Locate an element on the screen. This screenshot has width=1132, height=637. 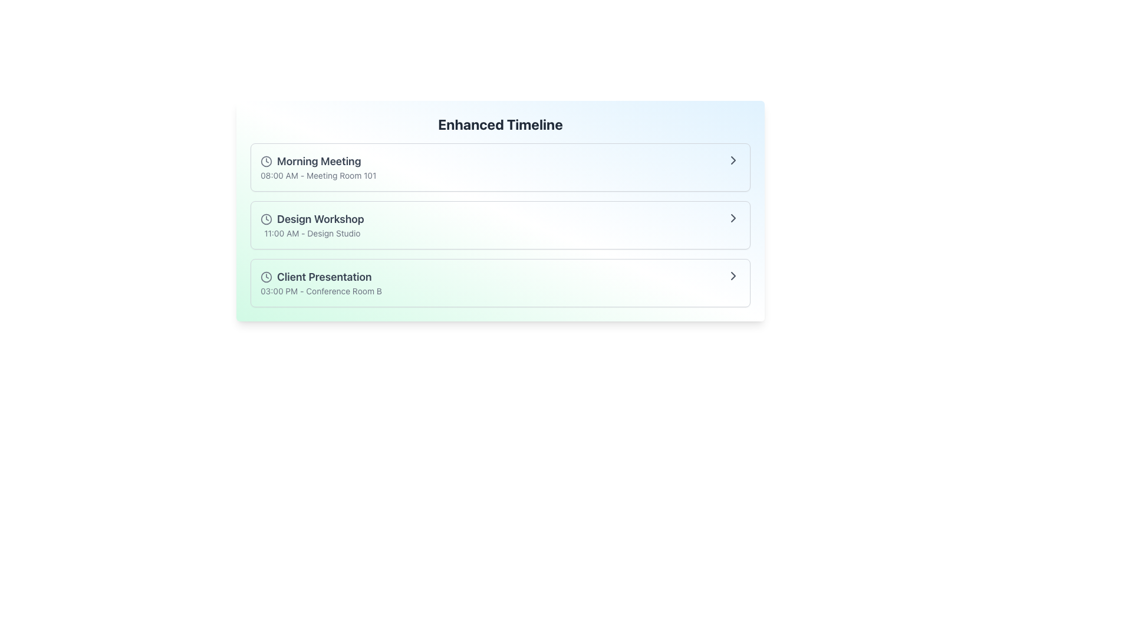
the right-pointing chevron arrow icon located at the end of the 'Morning Meeting' entry in the timeline is located at coordinates (732, 160).